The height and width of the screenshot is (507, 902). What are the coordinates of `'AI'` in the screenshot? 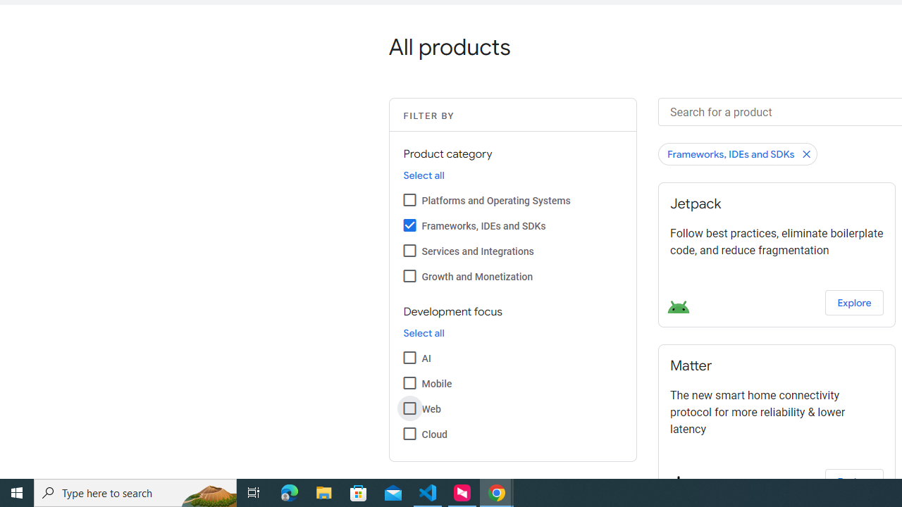 It's located at (409, 356).